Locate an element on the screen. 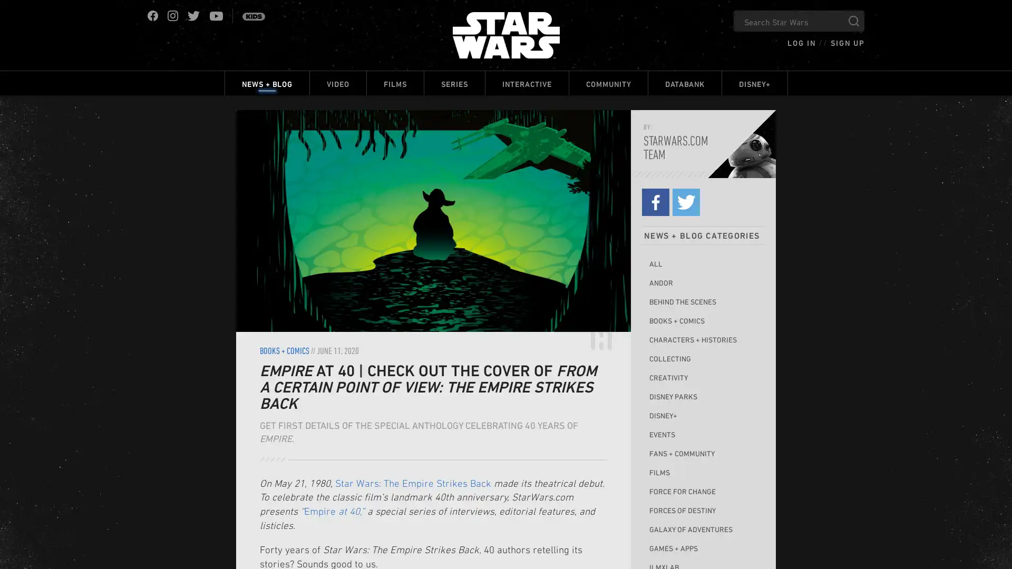 Image resolution: width=1012 pixels, height=569 pixels. LOG IN is located at coordinates (801, 42).